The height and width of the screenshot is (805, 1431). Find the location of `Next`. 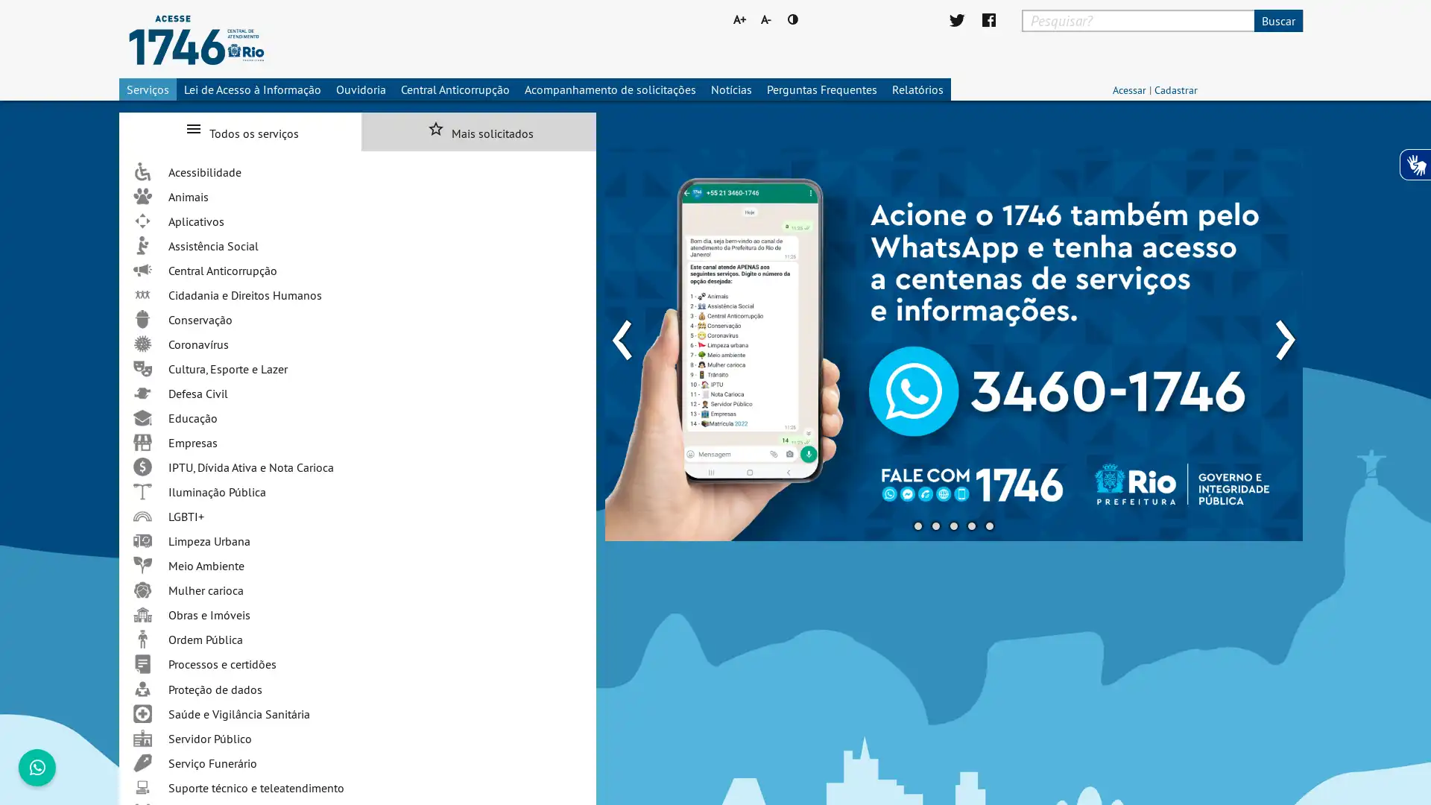

Next is located at coordinates (1283, 329).